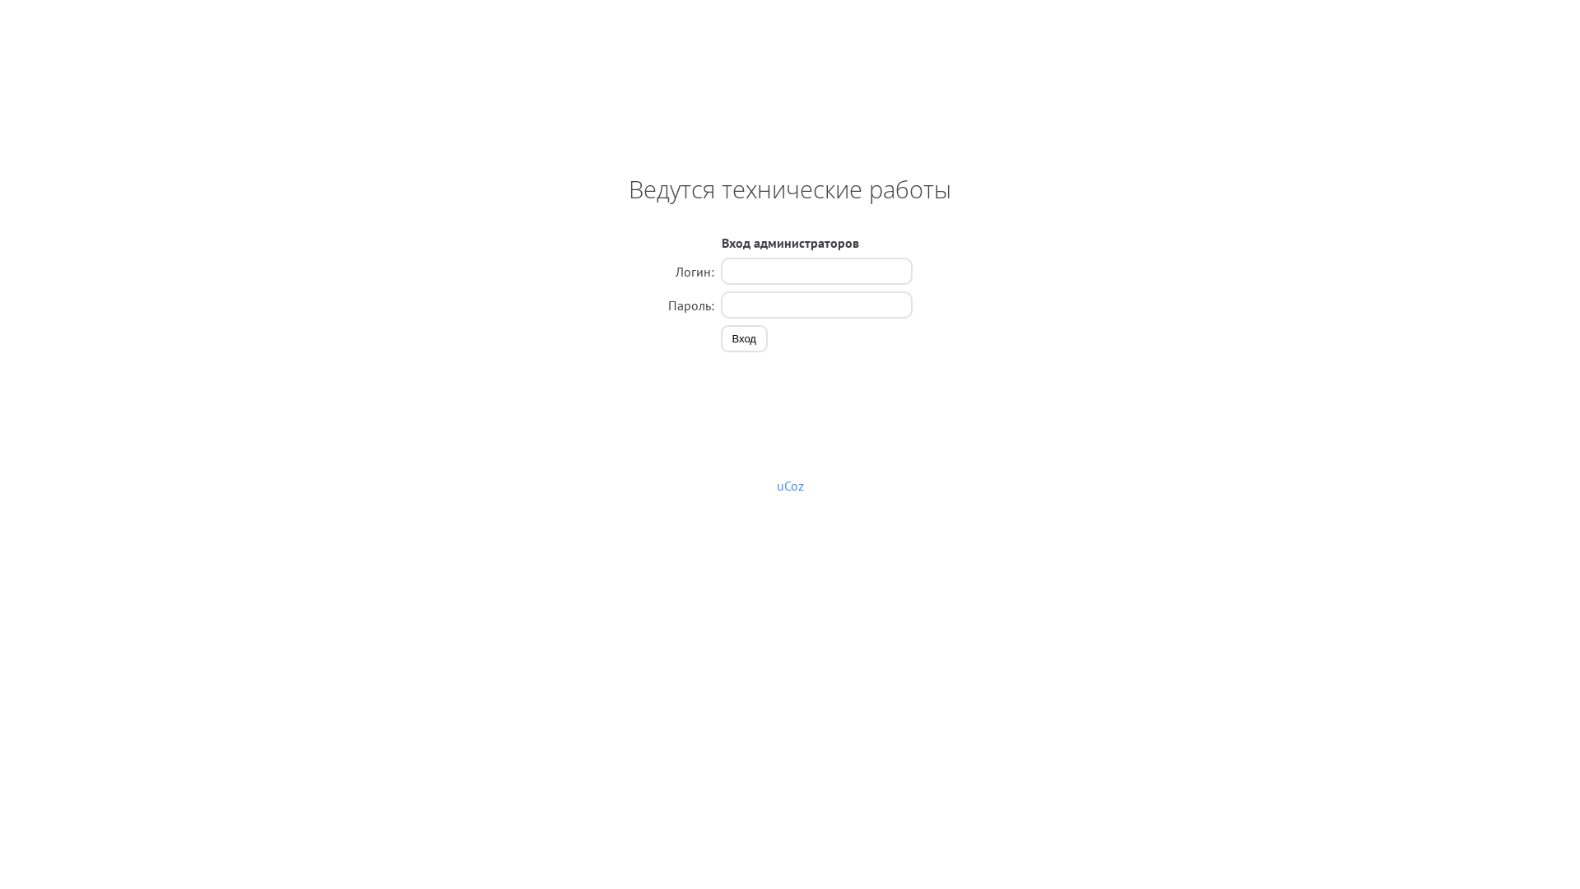  Describe the element at coordinates (790, 485) in the screenshot. I see `'uCoz'` at that location.